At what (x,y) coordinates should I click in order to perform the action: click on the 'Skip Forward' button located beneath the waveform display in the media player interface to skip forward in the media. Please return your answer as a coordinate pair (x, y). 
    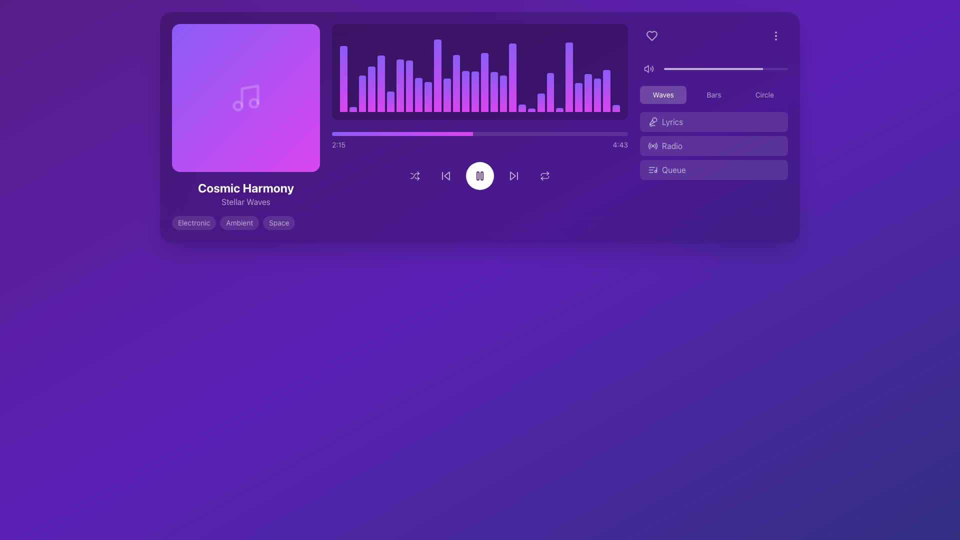
    Looking at the image, I should click on (513, 175).